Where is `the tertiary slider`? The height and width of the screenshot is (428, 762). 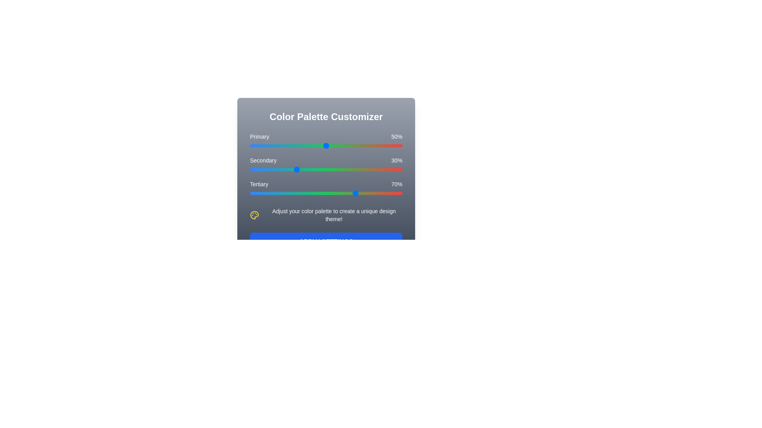
the tertiary slider is located at coordinates (314, 193).